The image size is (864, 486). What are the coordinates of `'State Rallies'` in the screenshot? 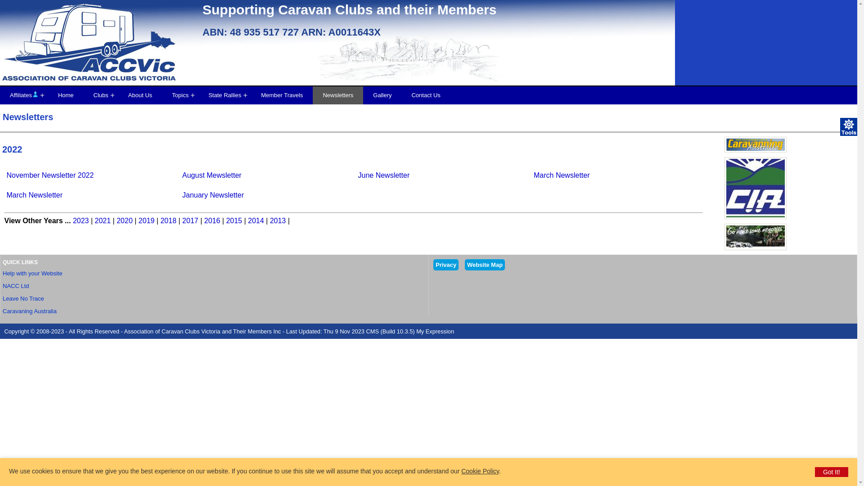 It's located at (225, 95).